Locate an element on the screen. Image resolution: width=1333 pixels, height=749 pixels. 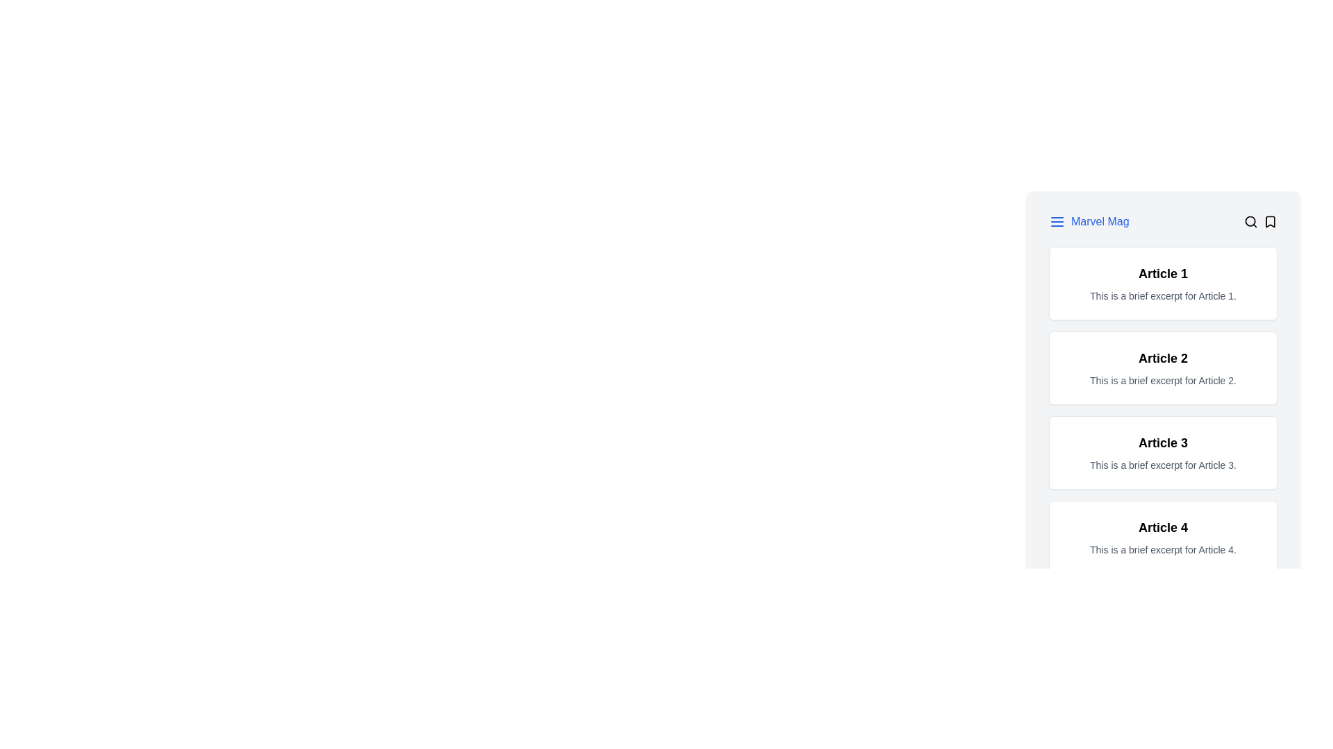
the text snippet that reads 'This is a brief excerpt for Article 1.' which appears in small, gray-colored font below the title text in the first card titled 'Article 1' is located at coordinates (1163, 295).